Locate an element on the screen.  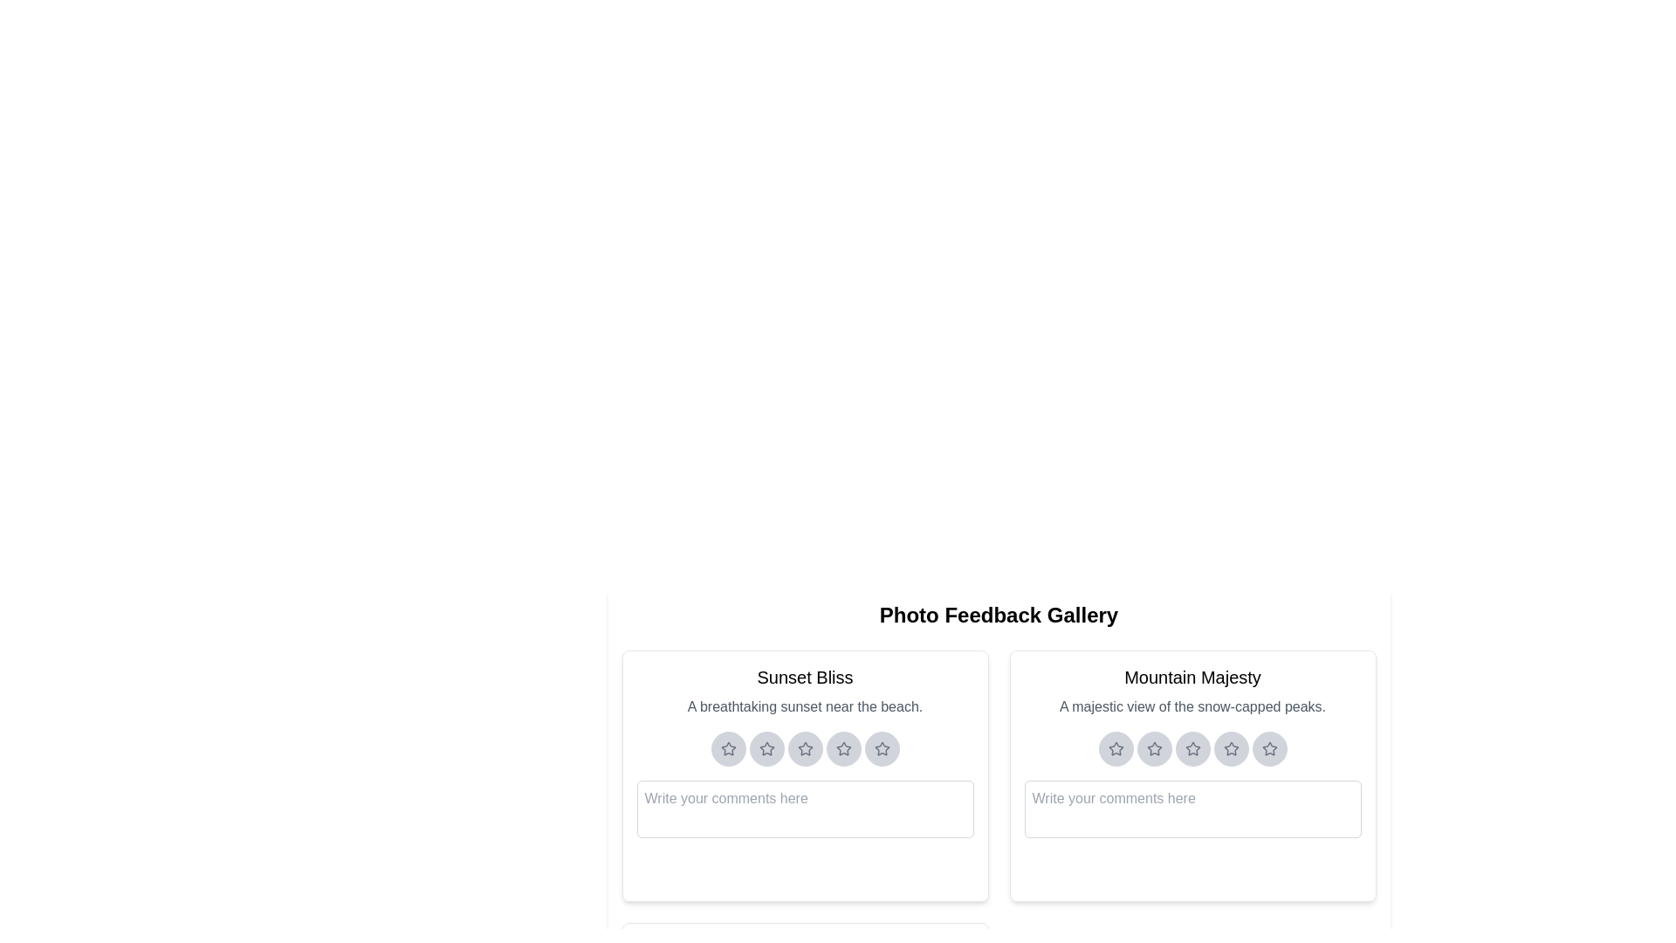
the fifth star icon from left to right in the row of rating stars under the 'Sunset Bliss' feedback box is located at coordinates (882, 747).